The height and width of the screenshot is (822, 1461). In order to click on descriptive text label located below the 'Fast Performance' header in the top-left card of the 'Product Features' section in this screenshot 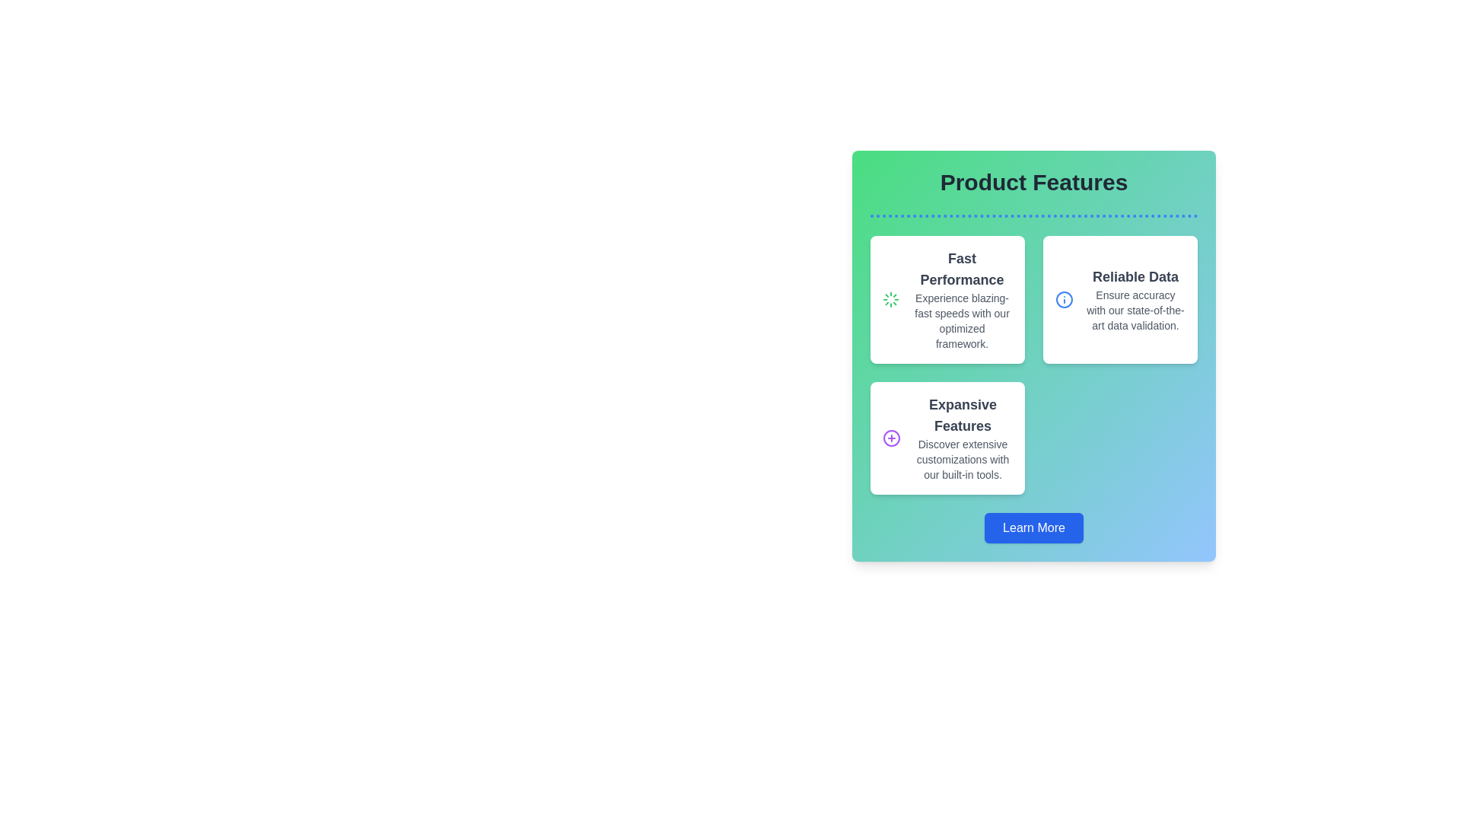, I will do `click(961, 320)`.